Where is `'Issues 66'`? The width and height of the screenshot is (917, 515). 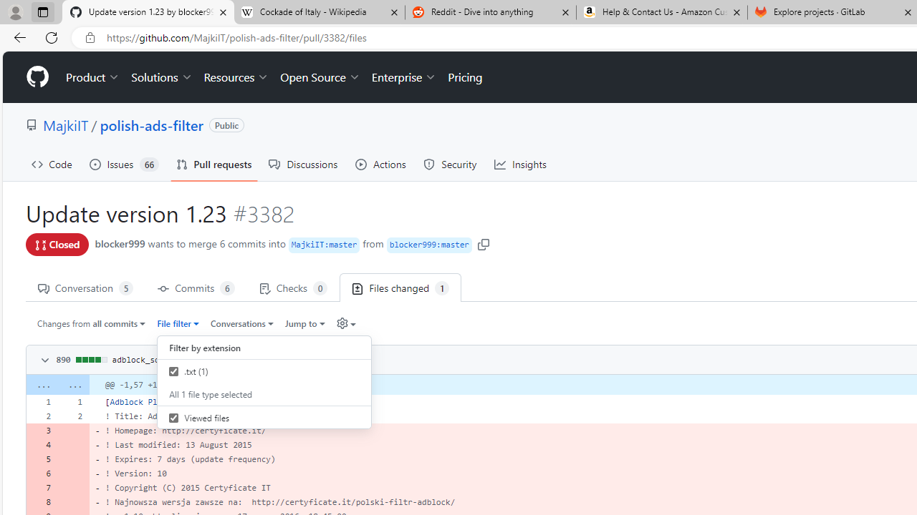 'Issues 66' is located at coordinates (124, 164).